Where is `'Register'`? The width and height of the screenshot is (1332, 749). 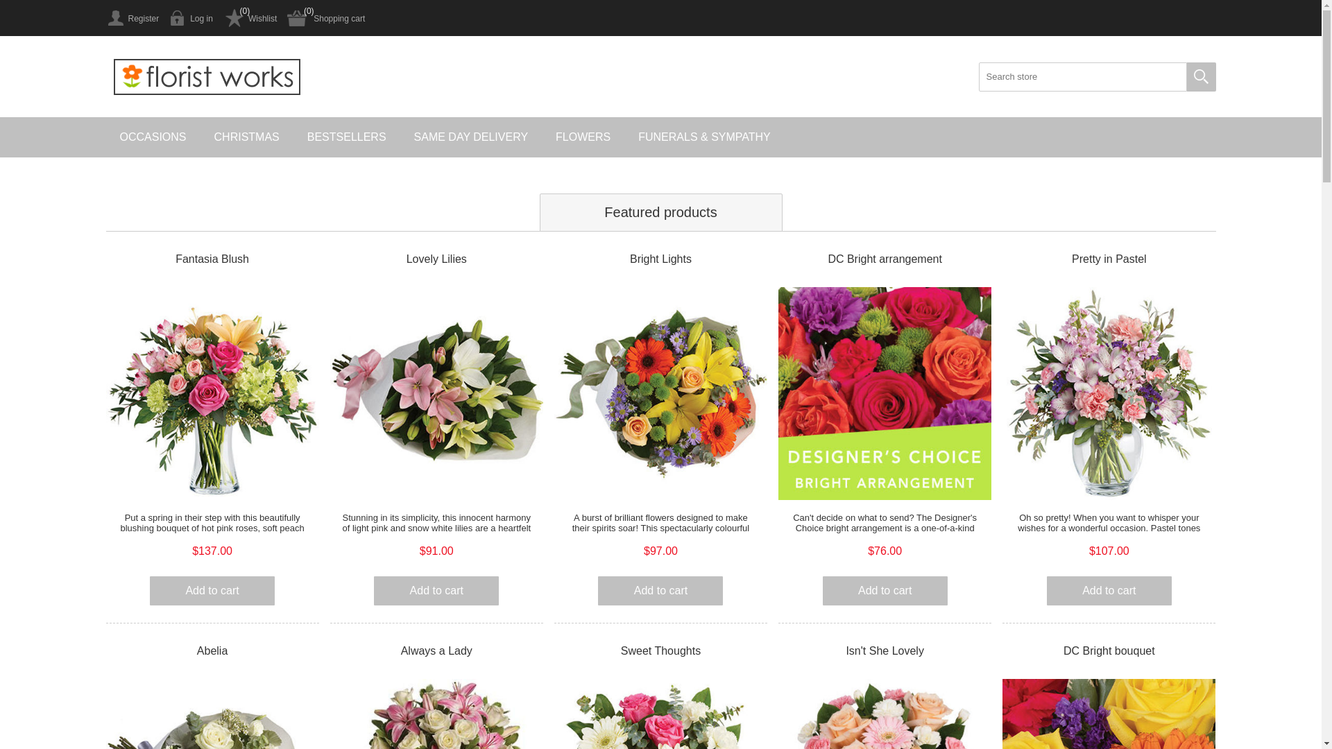
'Register' is located at coordinates (132, 18).